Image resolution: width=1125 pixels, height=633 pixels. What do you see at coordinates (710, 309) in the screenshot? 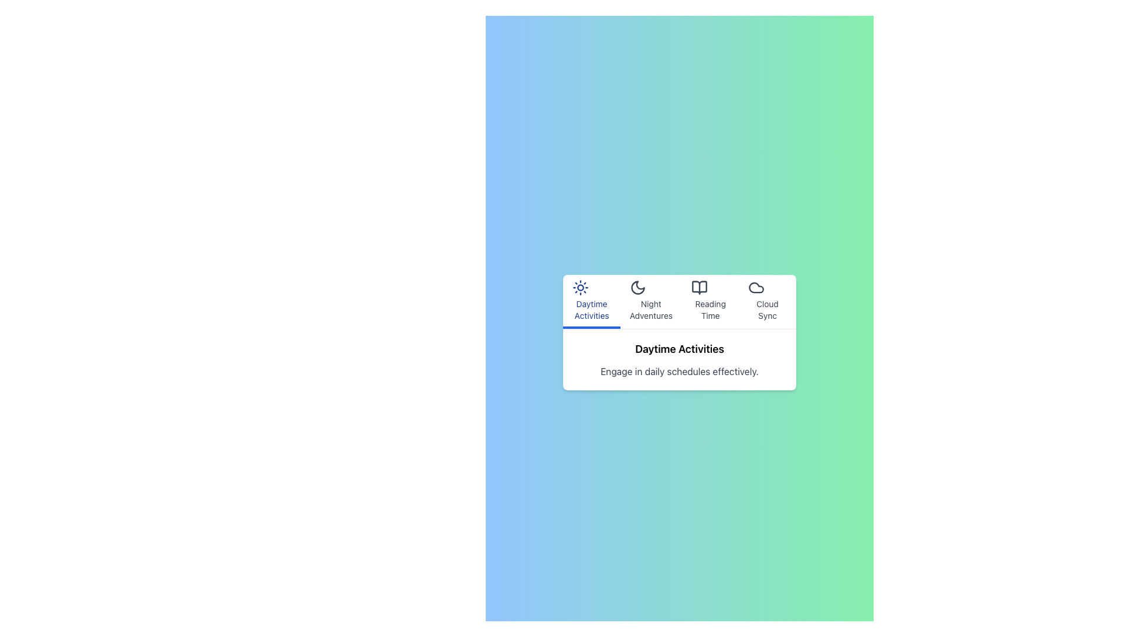
I see `'Reading Time' label text located below the book icon in the navigation bar at the top of the card` at bounding box center [710, 309].